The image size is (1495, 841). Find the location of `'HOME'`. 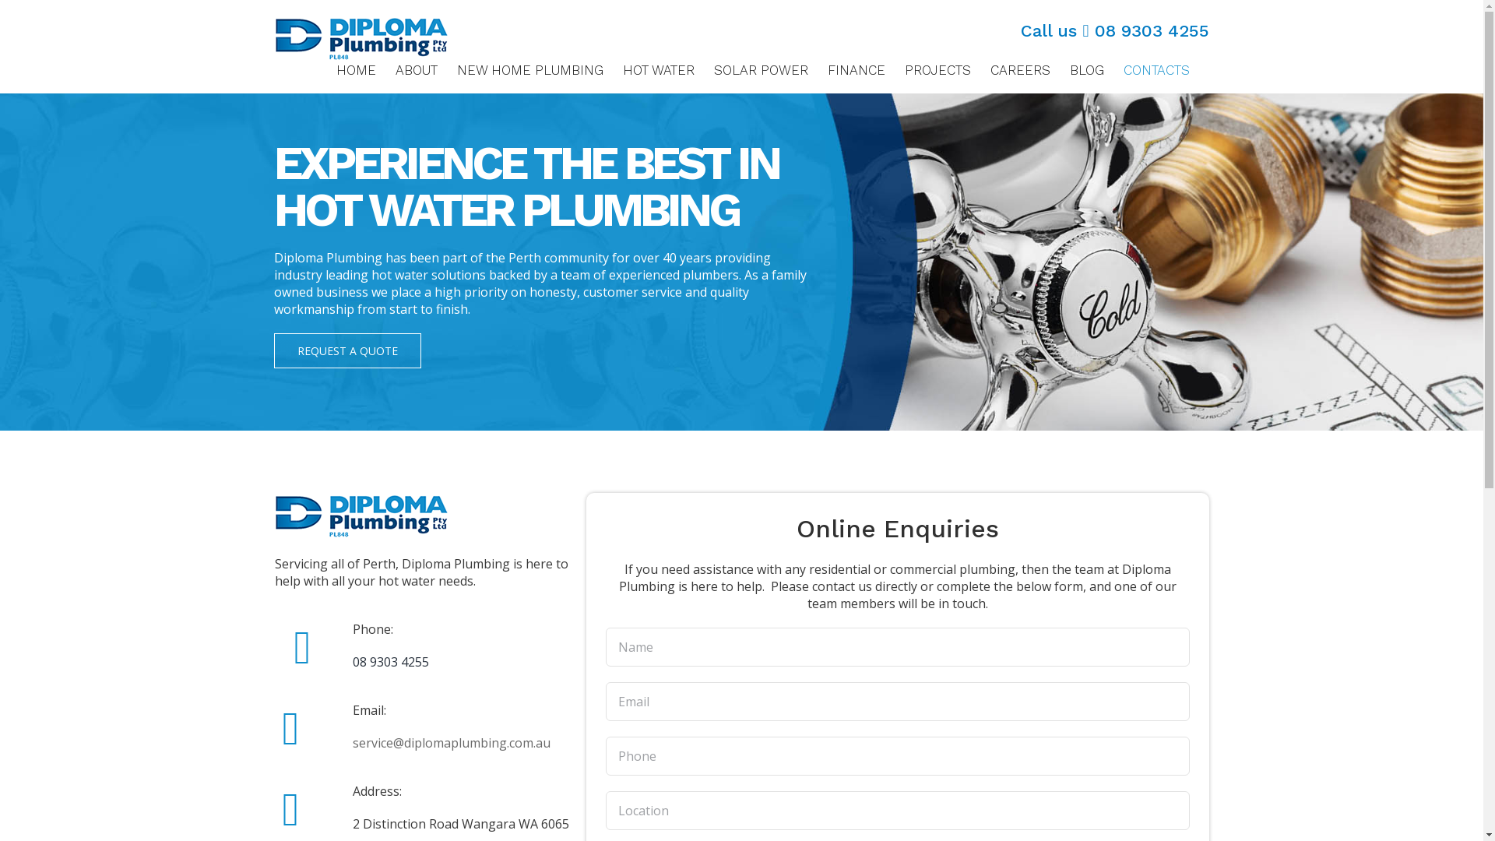

'HOME' is located at coordinates (355, 69).